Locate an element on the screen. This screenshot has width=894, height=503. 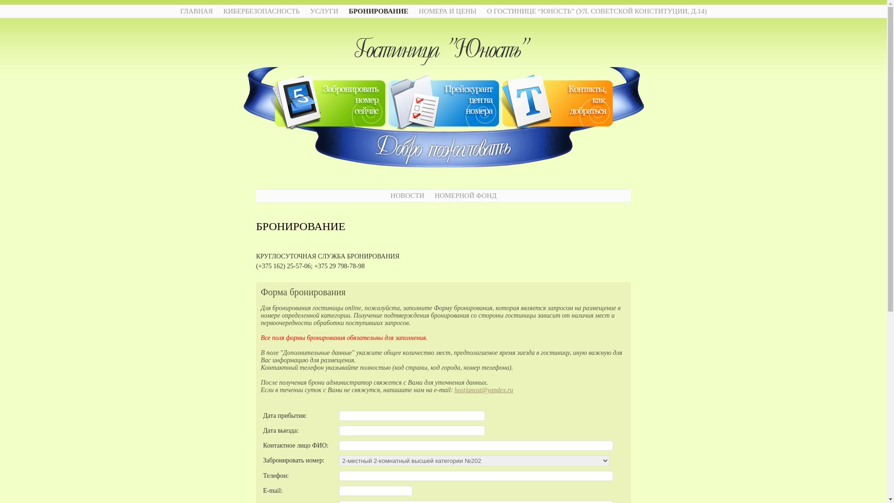
'hostjunost@yandex.ru' is located at coordinates (454, 390).